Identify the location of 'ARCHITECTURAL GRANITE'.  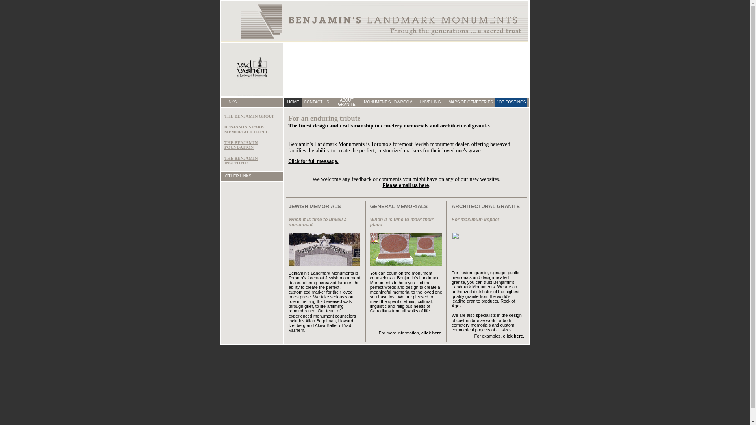
(452, 206).